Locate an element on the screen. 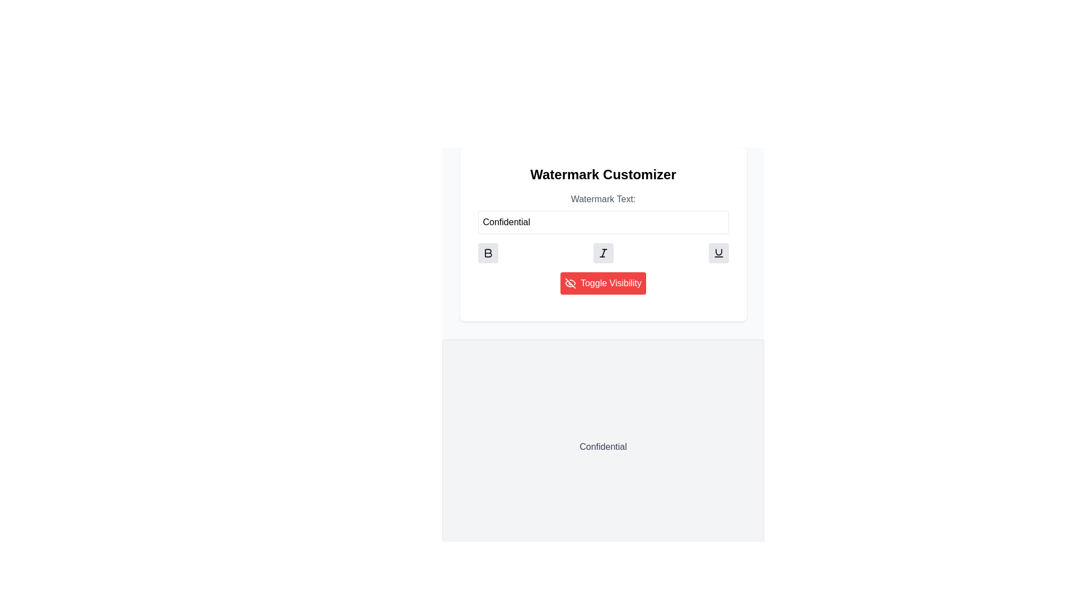 This screenshot has height=605, width=1075. the underlined 'U' icon button is located at coordinates (718, 253).